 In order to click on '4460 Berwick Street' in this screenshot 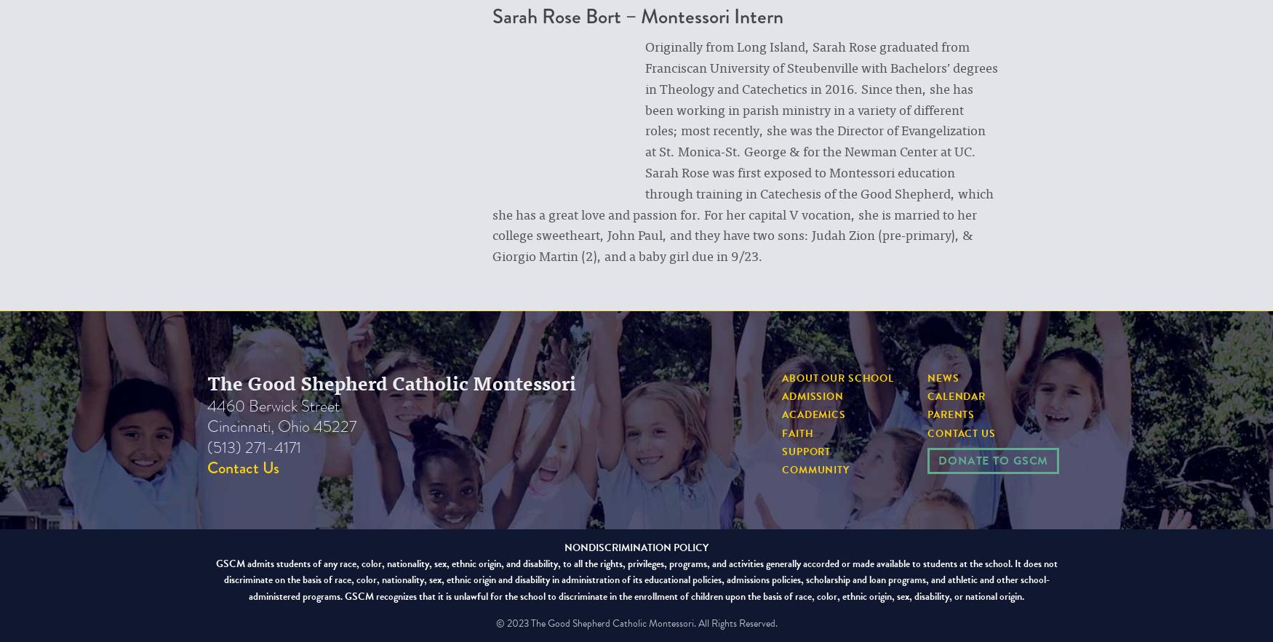, I will do `click(273, 405)`.